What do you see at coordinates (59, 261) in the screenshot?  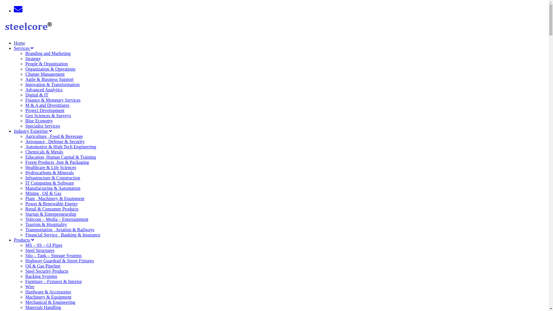 I see `'Highway Guardrail & Street Fixtures'` at bounding box center [59, 261].